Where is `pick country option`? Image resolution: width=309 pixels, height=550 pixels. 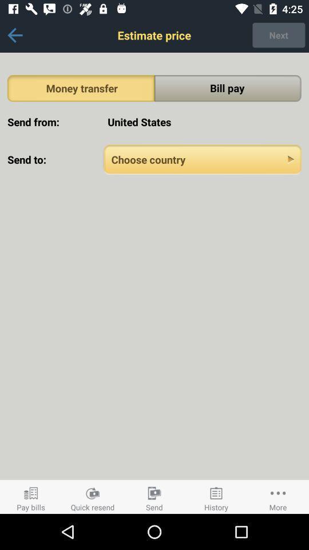
pick country option is located at coordinates (202, 159).